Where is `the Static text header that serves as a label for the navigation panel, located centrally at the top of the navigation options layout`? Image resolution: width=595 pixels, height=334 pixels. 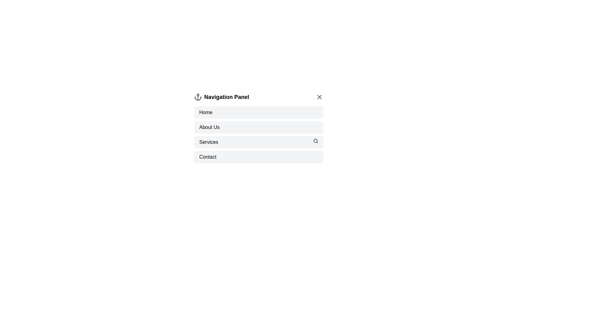
the Static text header that serves as a label for the navigation panel, located centrally at the top of the navigation options layout is located at coordinates (226, 97).